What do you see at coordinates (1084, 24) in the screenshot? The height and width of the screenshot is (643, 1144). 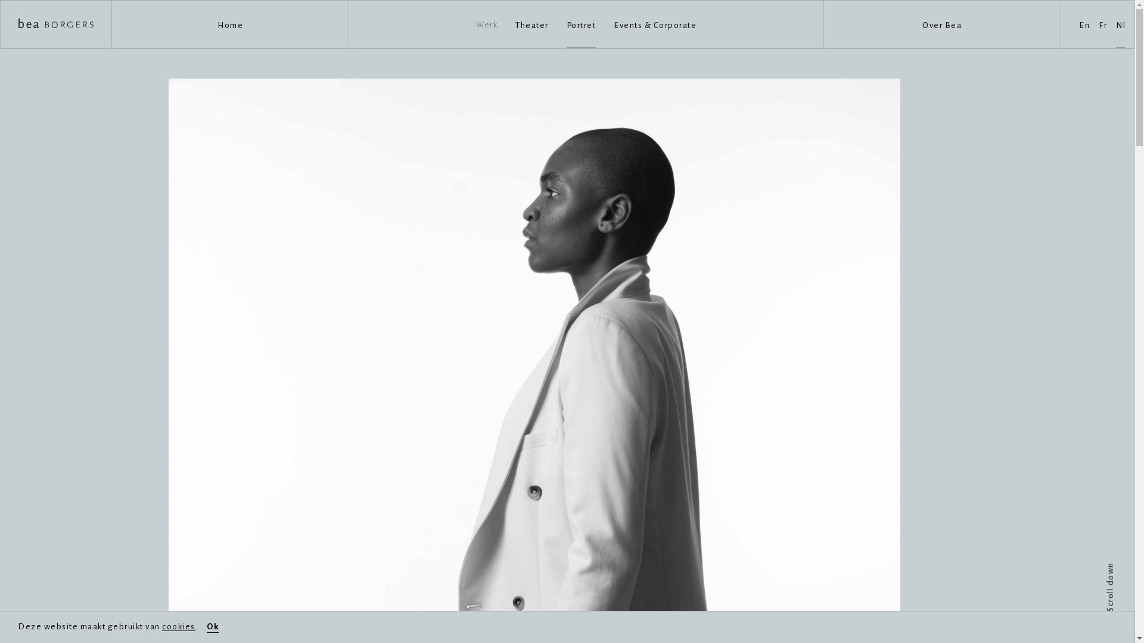 I see `'En'` at bounding box center [1084, 24].